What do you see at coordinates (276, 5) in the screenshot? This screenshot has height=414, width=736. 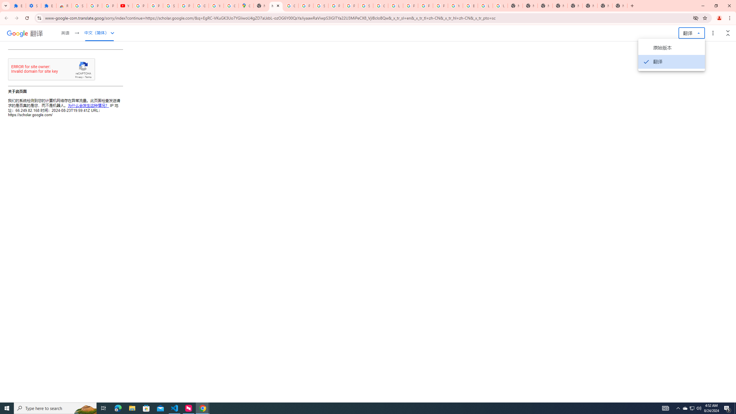 I see `'https://scholar.google.com/'` at bounding box center [276, 5].